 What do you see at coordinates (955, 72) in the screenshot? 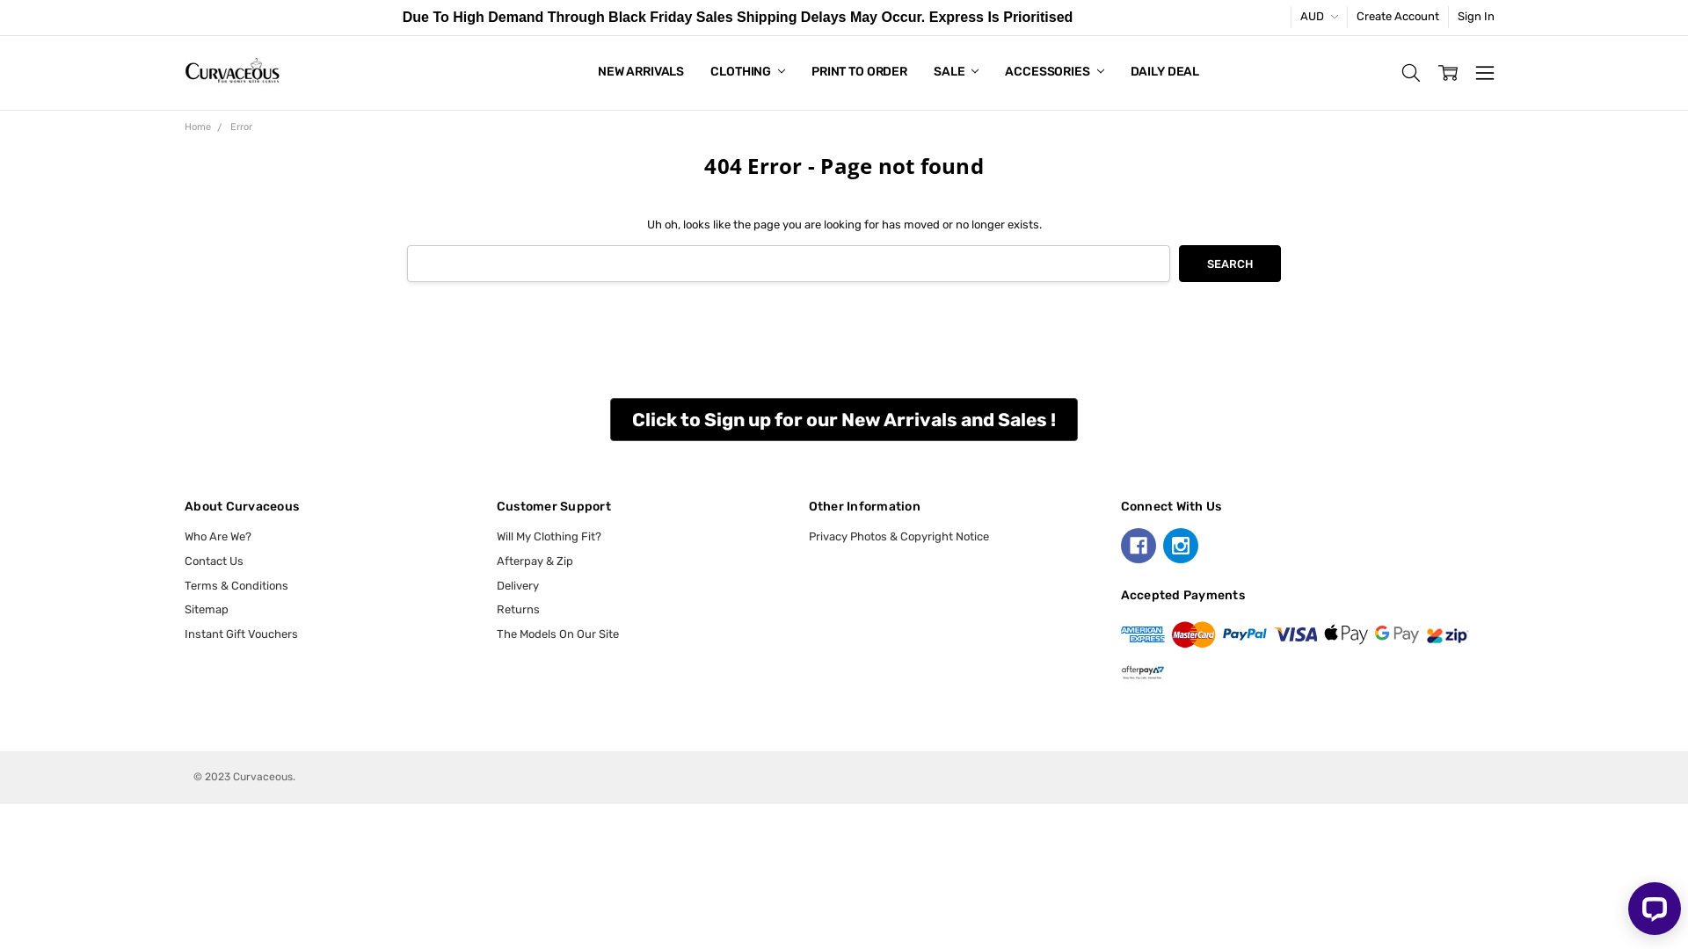
I see `'SALE'` at bounding box center [955, 72].